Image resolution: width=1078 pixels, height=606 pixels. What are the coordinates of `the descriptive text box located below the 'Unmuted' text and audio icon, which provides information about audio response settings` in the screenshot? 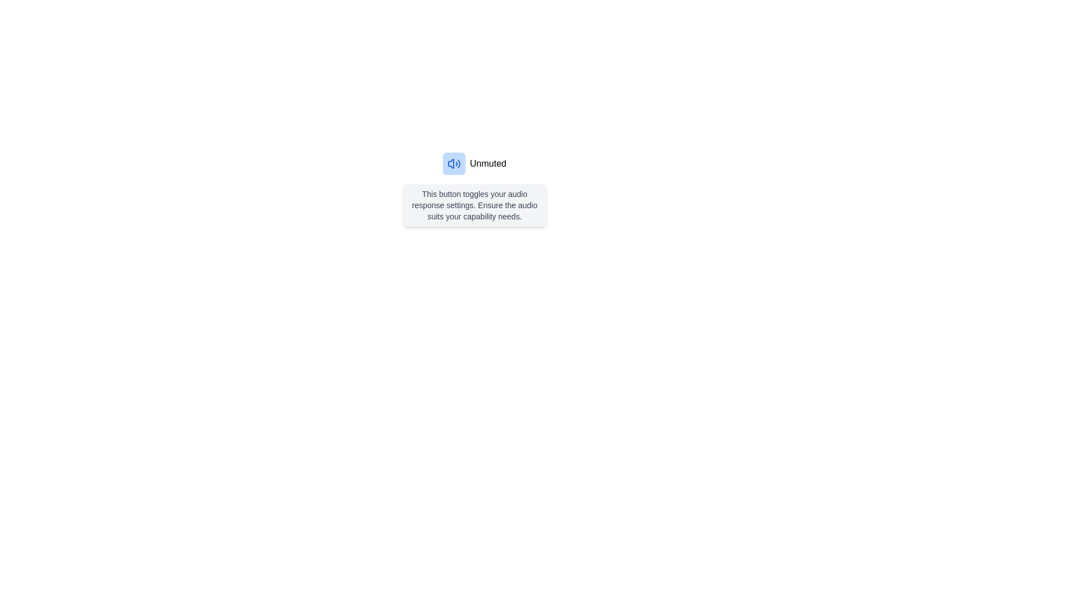 It's located at (474, 205).